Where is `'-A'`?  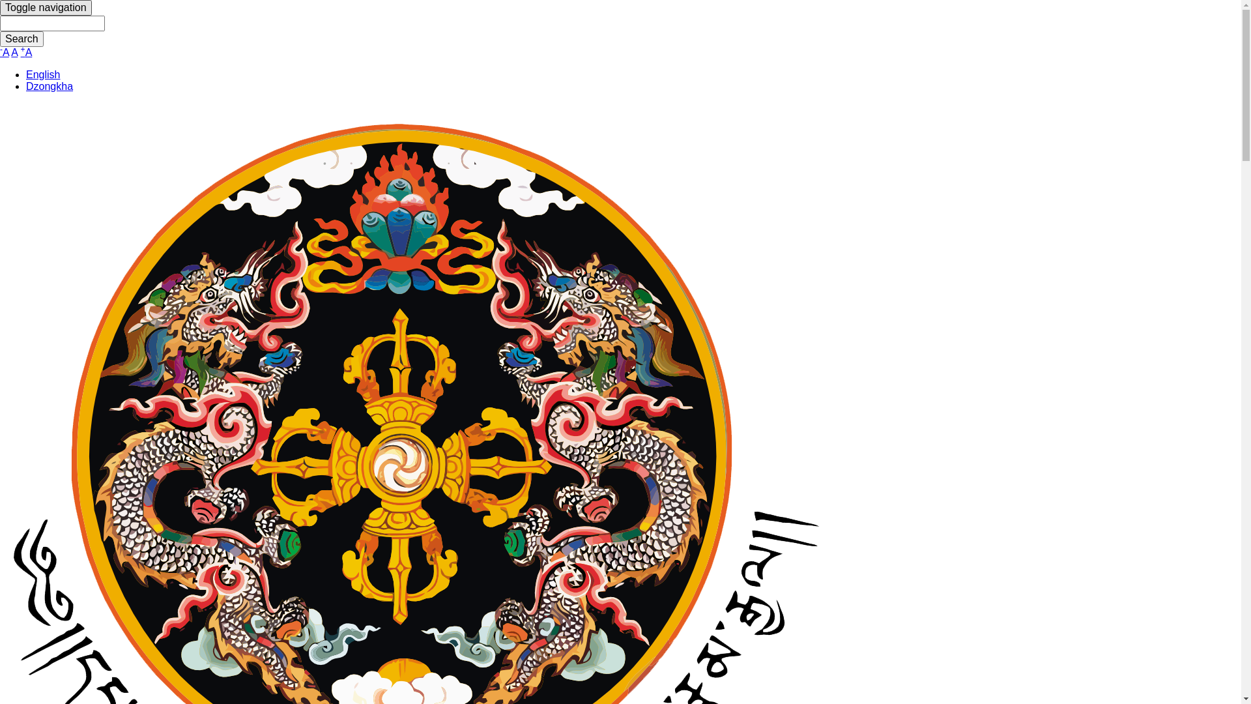 '-A' is located at coordinates (0, 51).